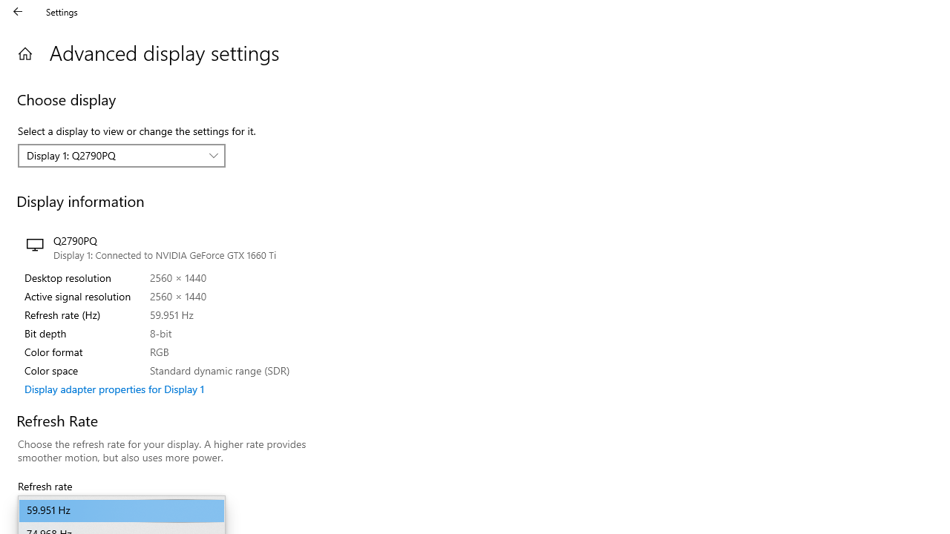  Describe the element at coordinates (122, 510) in the screenshot. I see `'59.951 Hz'` at that location.